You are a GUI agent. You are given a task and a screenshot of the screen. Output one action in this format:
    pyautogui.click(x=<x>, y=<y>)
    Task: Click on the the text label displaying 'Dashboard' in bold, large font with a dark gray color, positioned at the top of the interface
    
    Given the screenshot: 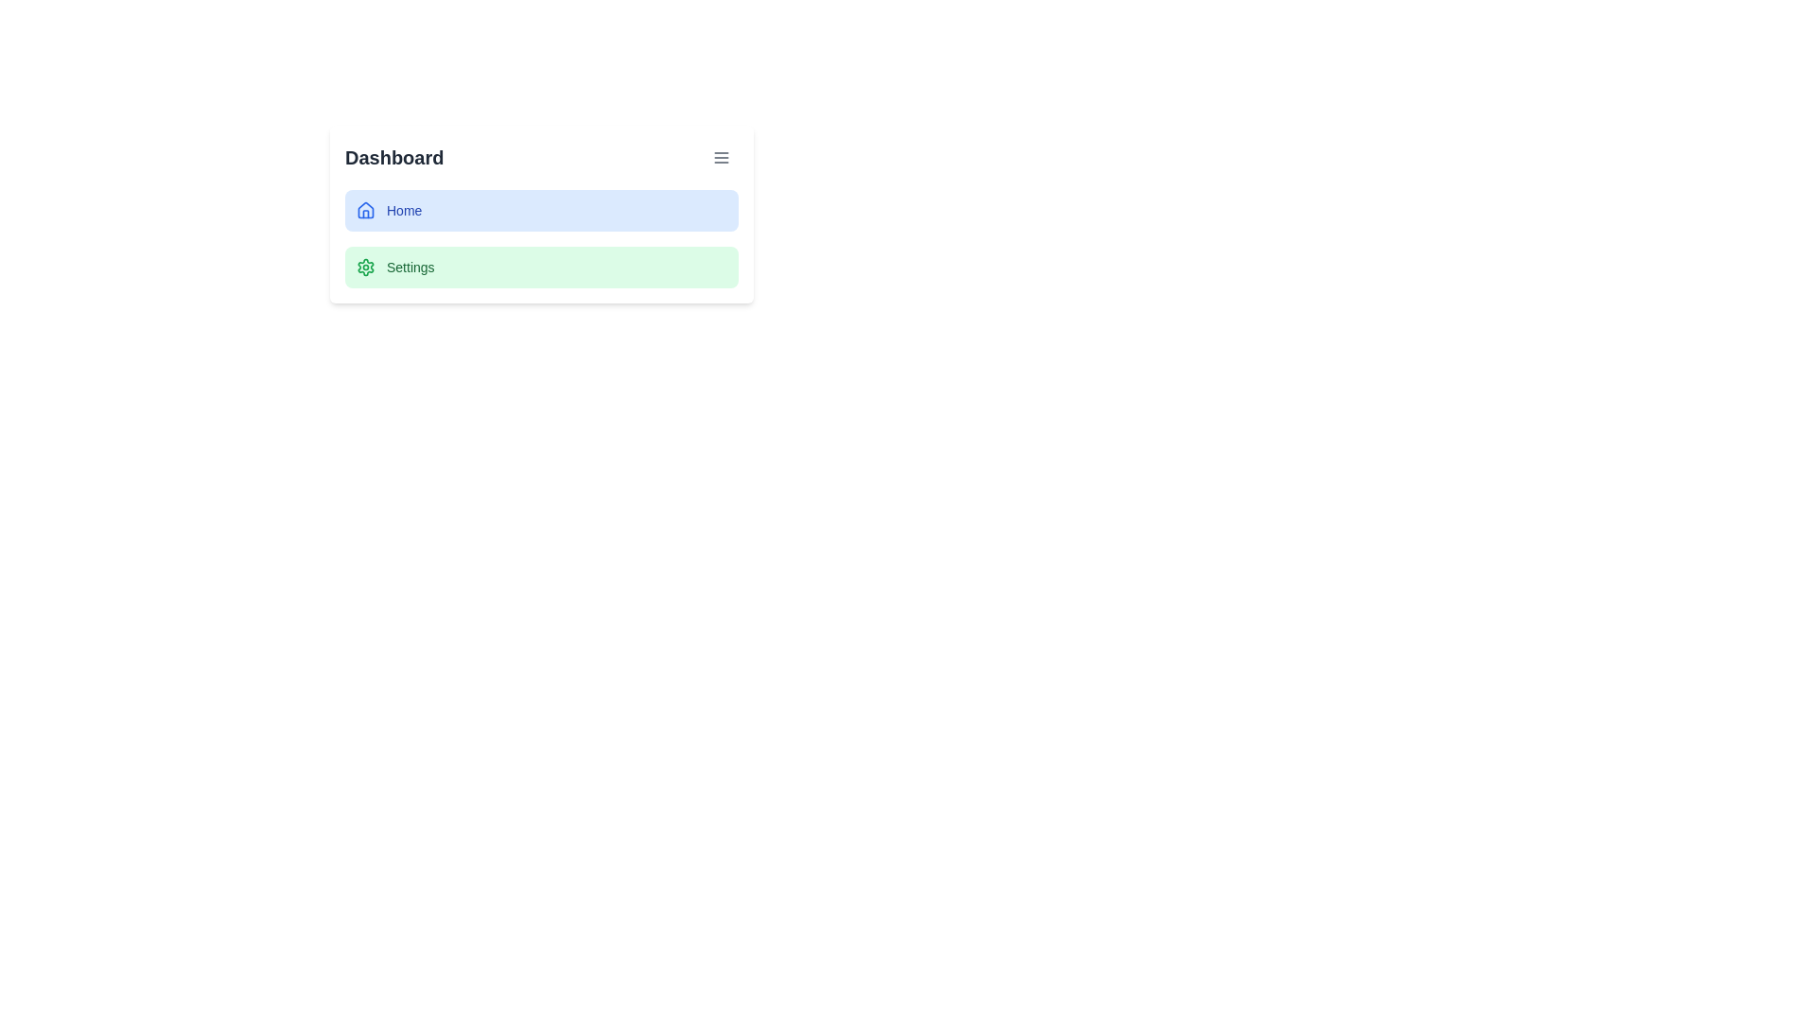 What is the action you would take?
    pyautogui.click(x=393, y=156)
    